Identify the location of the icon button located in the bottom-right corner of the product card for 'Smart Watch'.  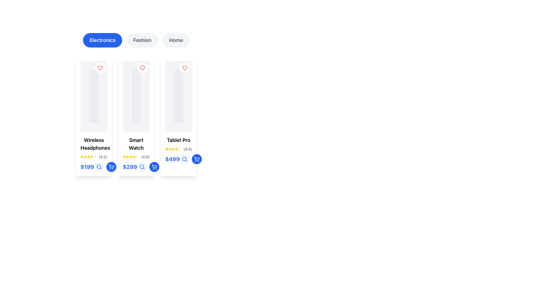
(111, 167).